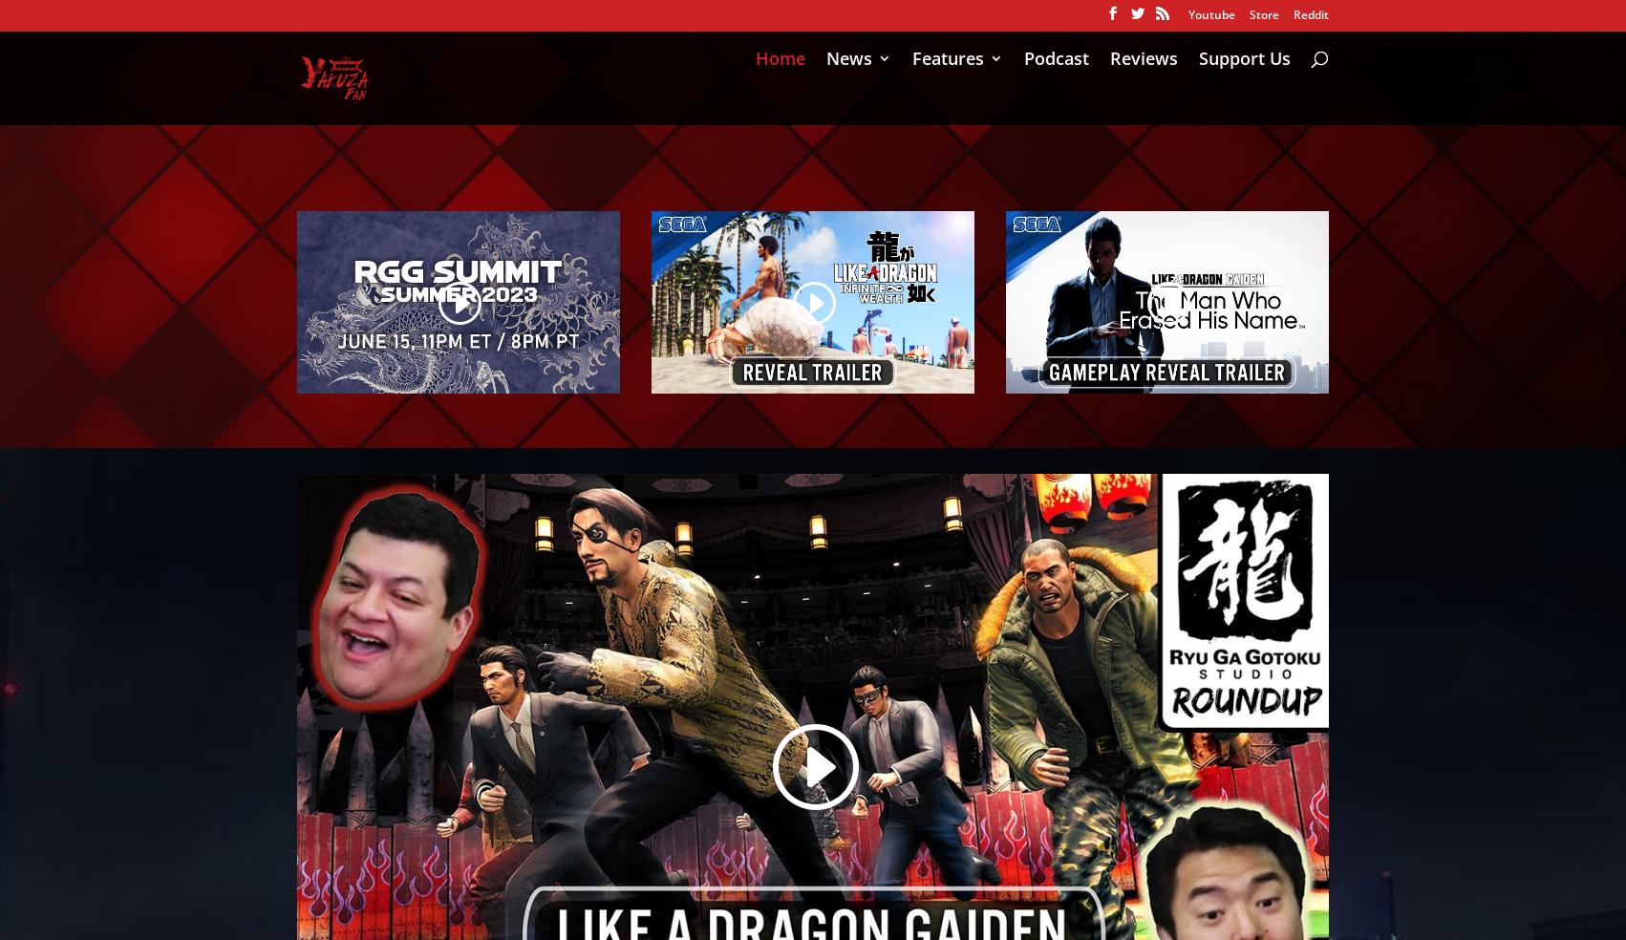  What do you see at coordinates (1144, 96) in the screenshot?
I see `'Reviews'` at bounding box center [1144, 96].